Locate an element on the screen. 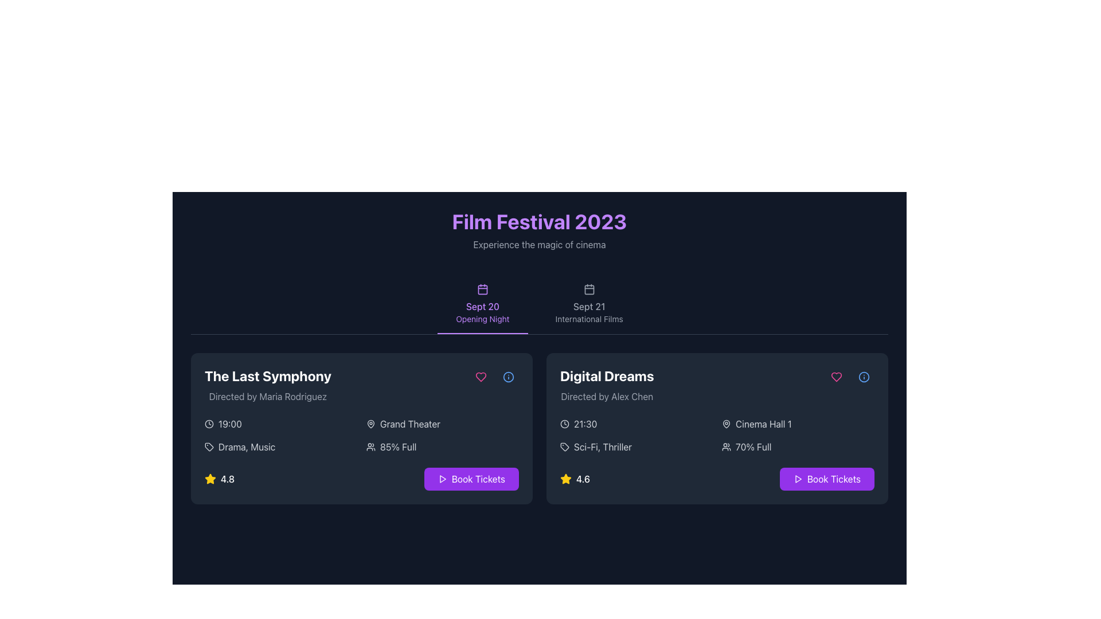 The image size is (1101, 619). the icon representing the venue for the event, which is associated with the 'Grand Theater' text label, located is located at coordinates (371, 424).